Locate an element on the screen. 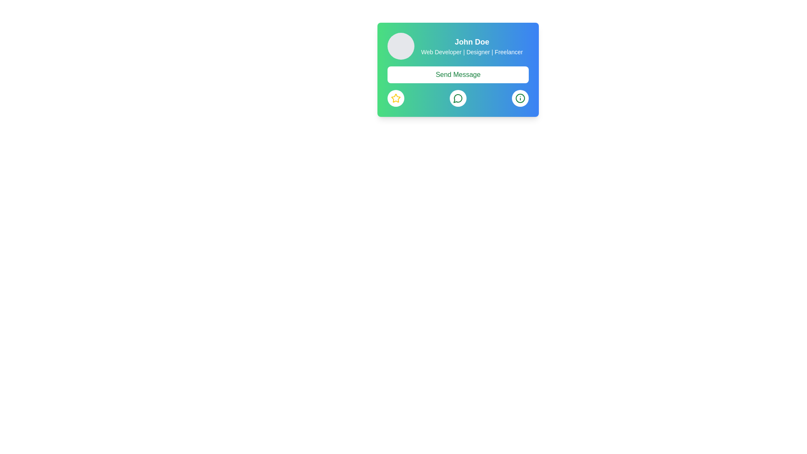 The height and width of the screenshot is (454, 807). the text display element that shows 'John Doe' is located at coordinates (472, 42).